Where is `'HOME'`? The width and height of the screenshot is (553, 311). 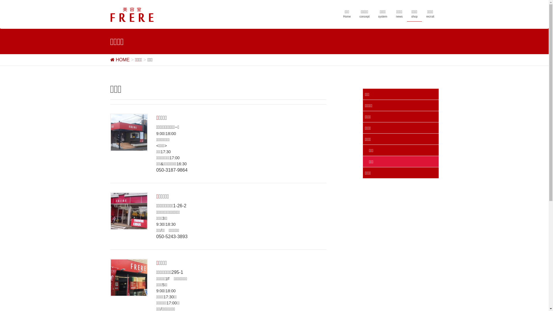 'HOME' is located at coordinates (119, 60).